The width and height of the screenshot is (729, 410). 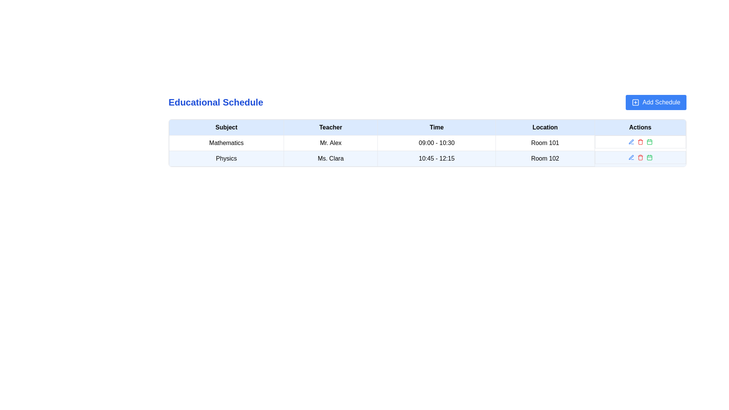 What do you see at coordinates (428, 127) in the screenshot?
I see `the 'Time' column header cell to sort the table by time` at bounding box center [428, 127].